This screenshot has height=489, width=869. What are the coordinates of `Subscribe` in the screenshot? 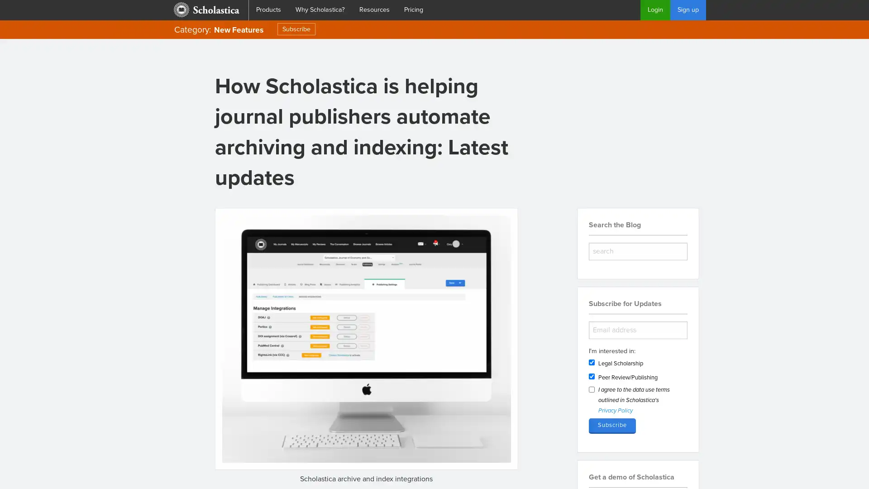 It's located at (612, 426).